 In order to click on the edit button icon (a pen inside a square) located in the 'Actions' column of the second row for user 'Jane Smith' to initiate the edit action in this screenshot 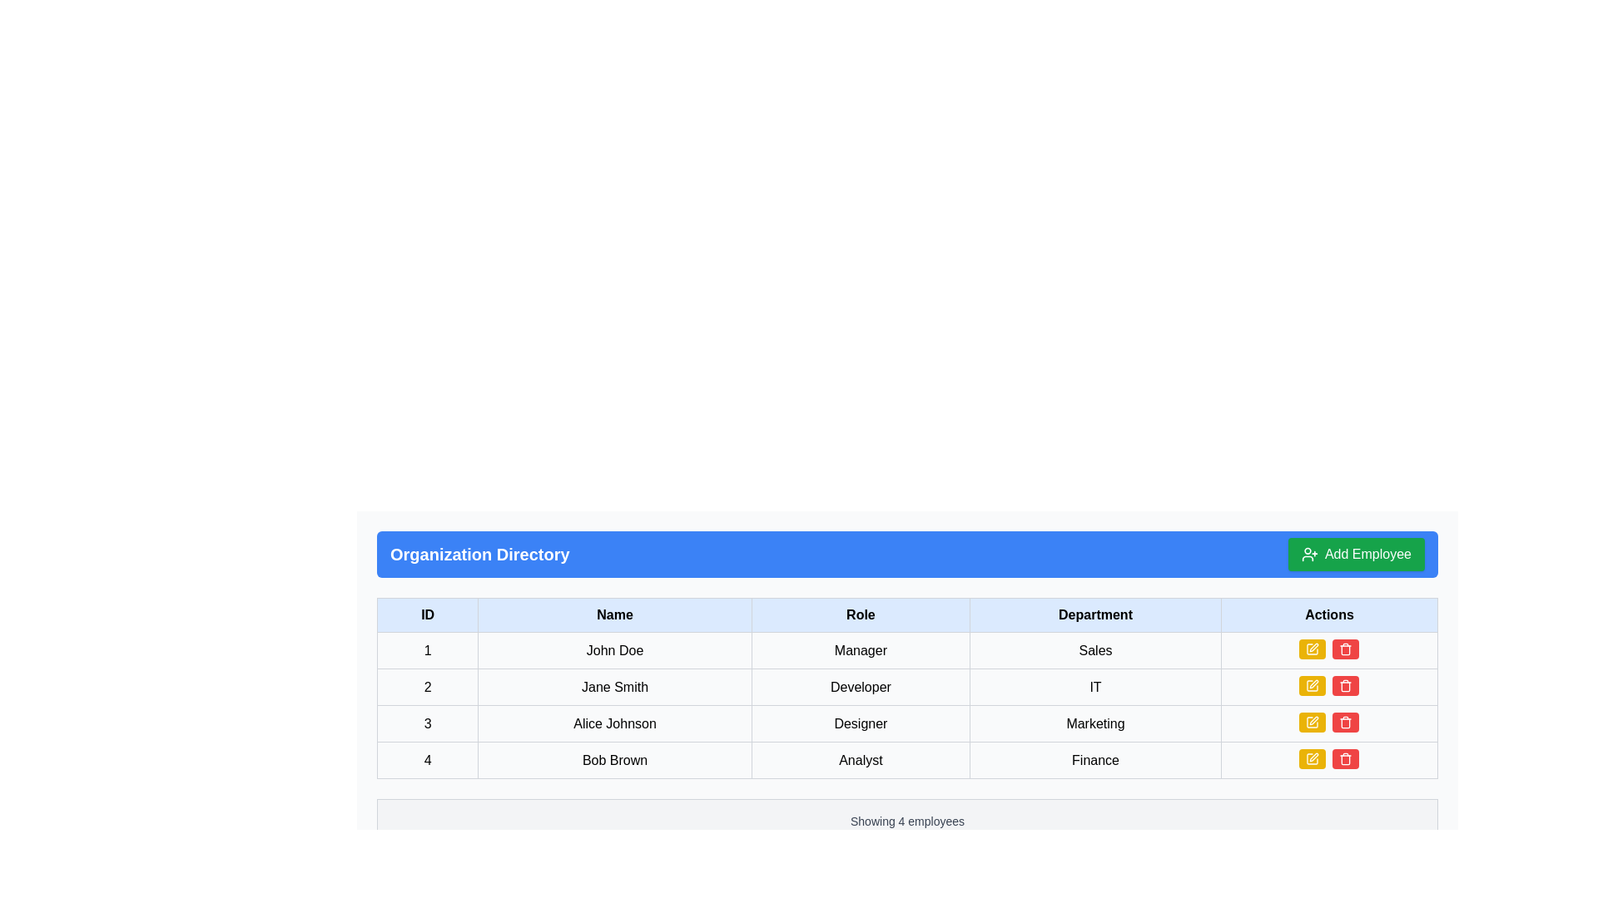, I will do `click(1312, 686)`.